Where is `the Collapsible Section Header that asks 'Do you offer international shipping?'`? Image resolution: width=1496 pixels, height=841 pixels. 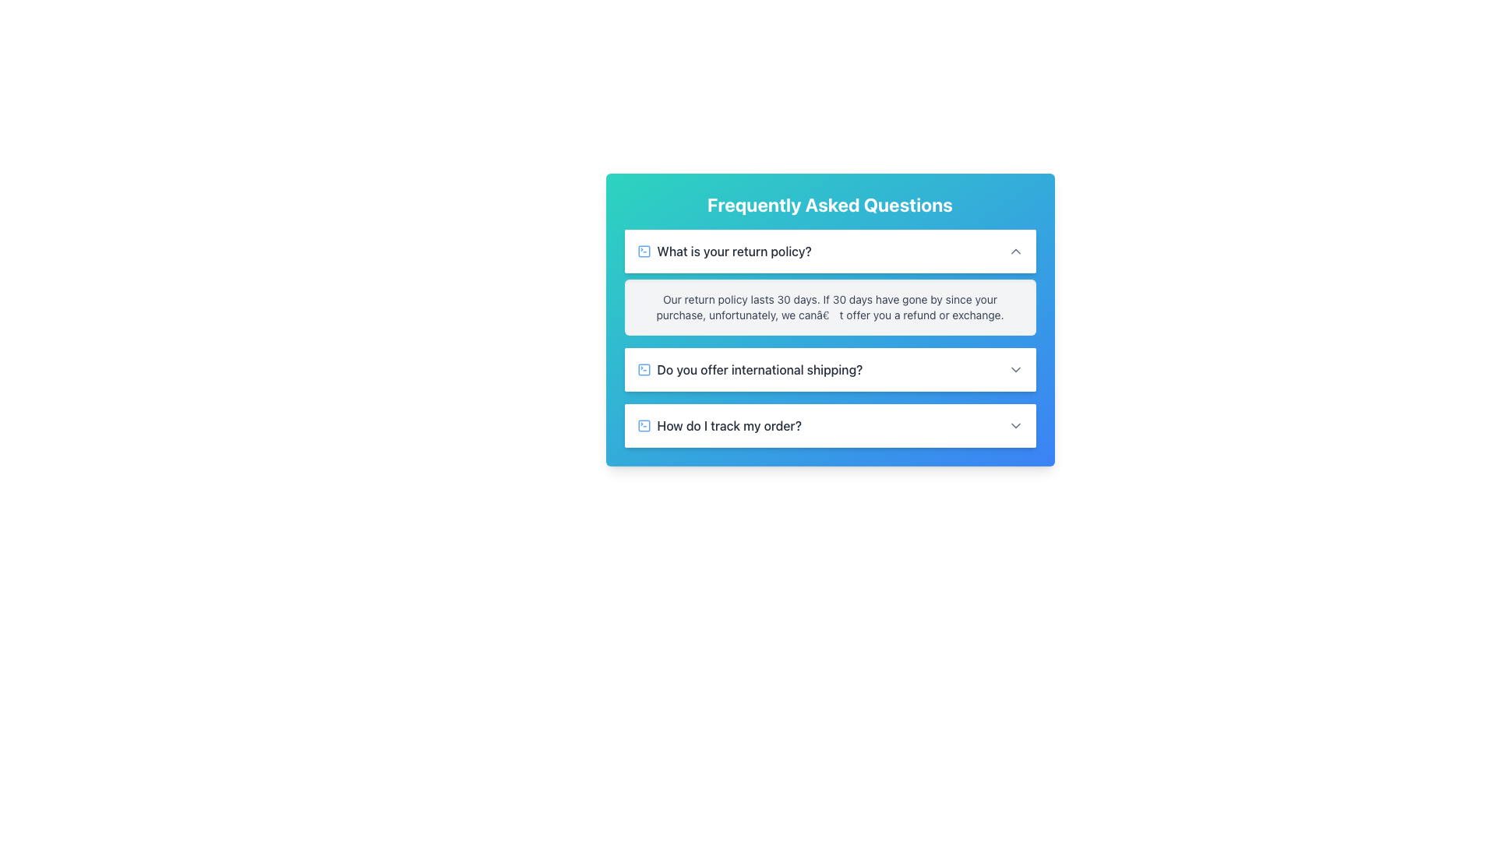 the Collapsible Section Header that asks 'Do you offer international shipping?' is located at coordinates (829, 369).